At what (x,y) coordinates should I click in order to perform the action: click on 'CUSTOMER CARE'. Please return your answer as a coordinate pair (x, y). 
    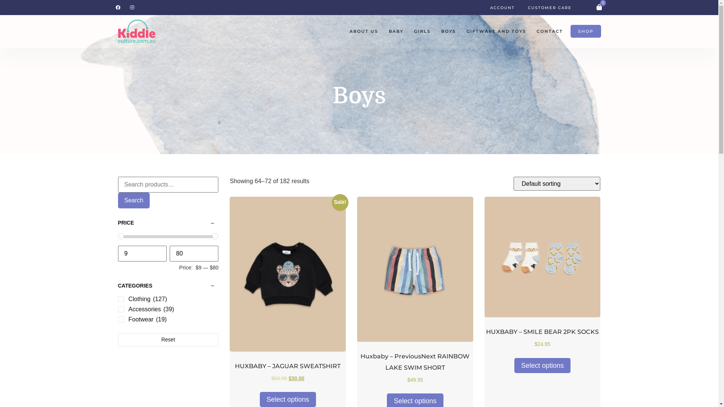
    Looking at the image, I should click on (528, 7).